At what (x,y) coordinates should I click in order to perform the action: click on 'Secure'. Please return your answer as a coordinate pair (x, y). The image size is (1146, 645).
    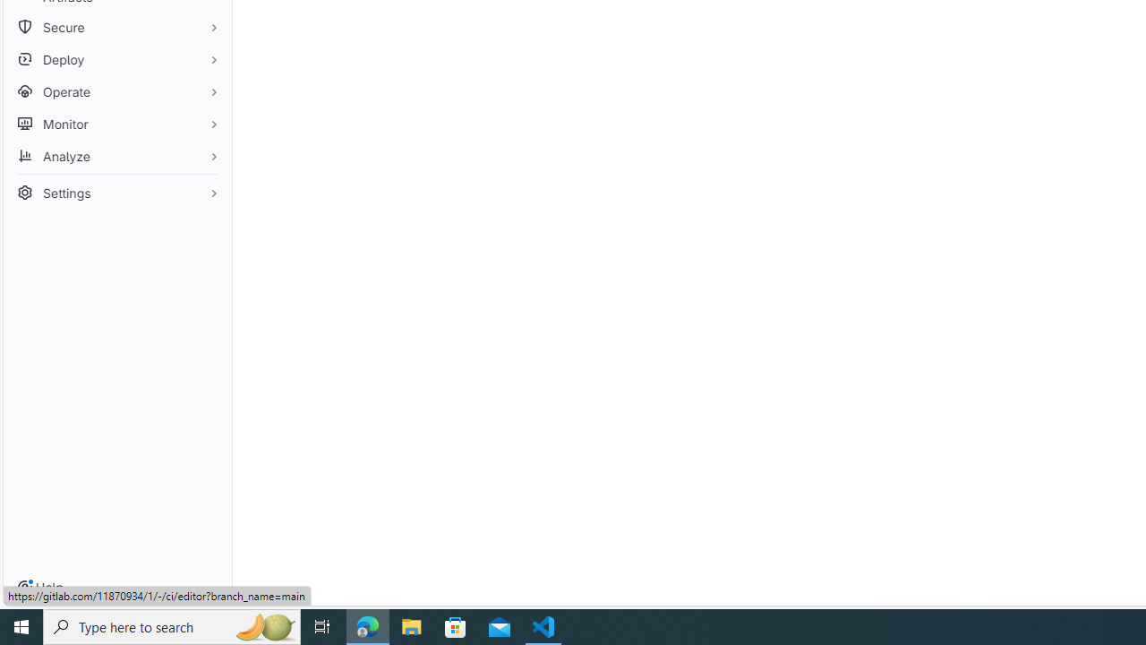
    Looking at the image, I should click on (116, 27).